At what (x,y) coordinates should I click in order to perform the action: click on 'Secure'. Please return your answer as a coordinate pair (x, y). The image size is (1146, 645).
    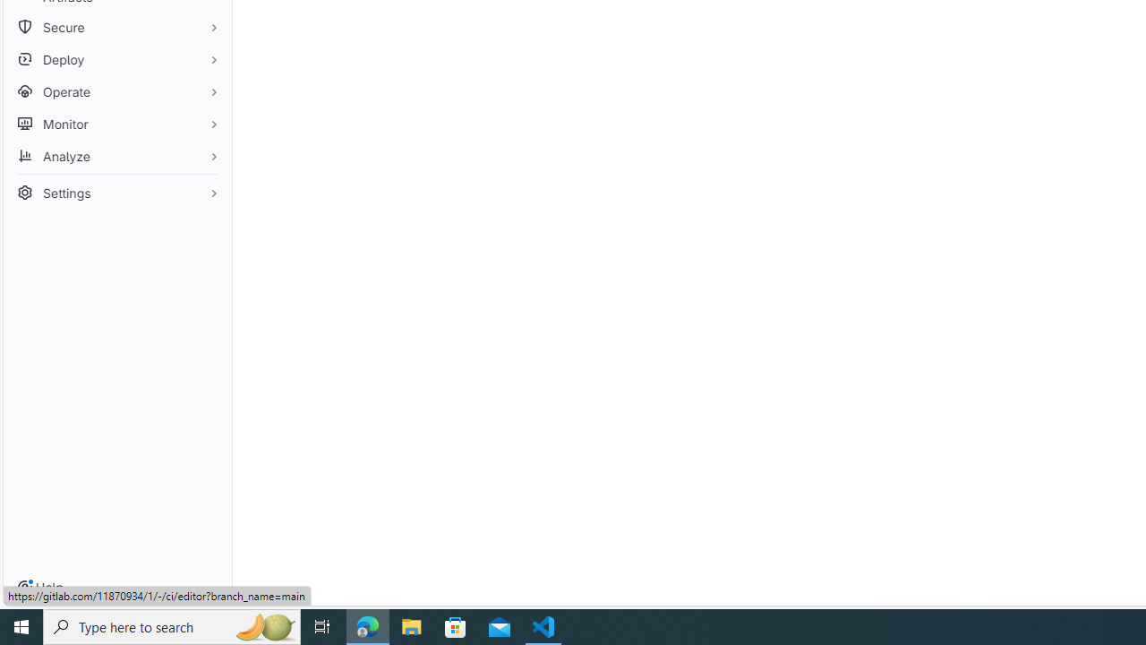
    Looking at the image, I should click on (116, 27).